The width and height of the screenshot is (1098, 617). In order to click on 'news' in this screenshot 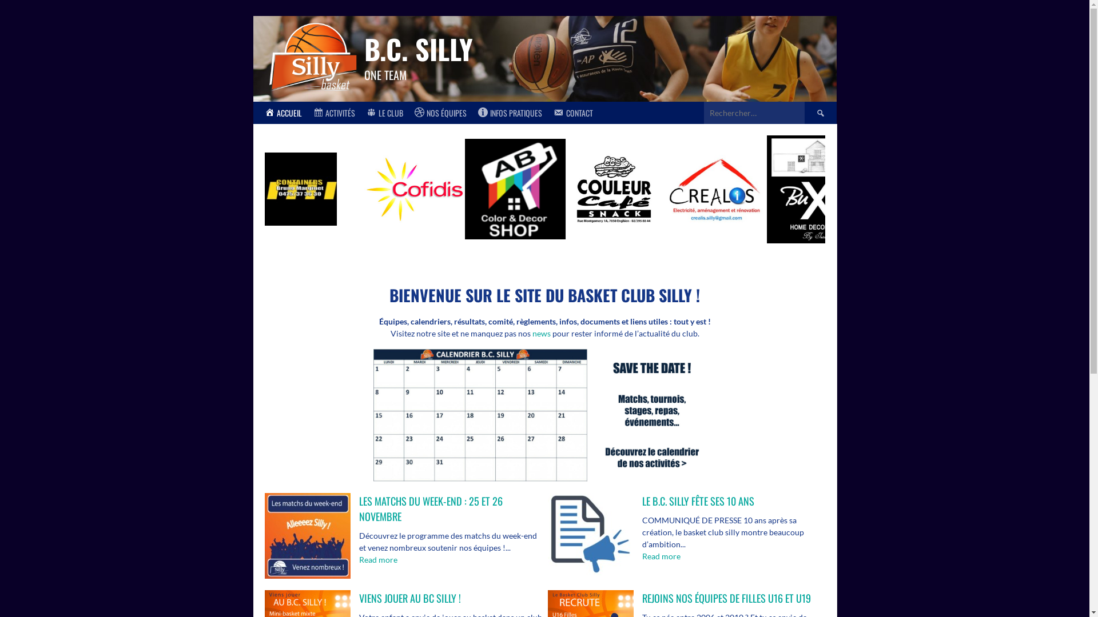, I will do `click(540, 333)`.